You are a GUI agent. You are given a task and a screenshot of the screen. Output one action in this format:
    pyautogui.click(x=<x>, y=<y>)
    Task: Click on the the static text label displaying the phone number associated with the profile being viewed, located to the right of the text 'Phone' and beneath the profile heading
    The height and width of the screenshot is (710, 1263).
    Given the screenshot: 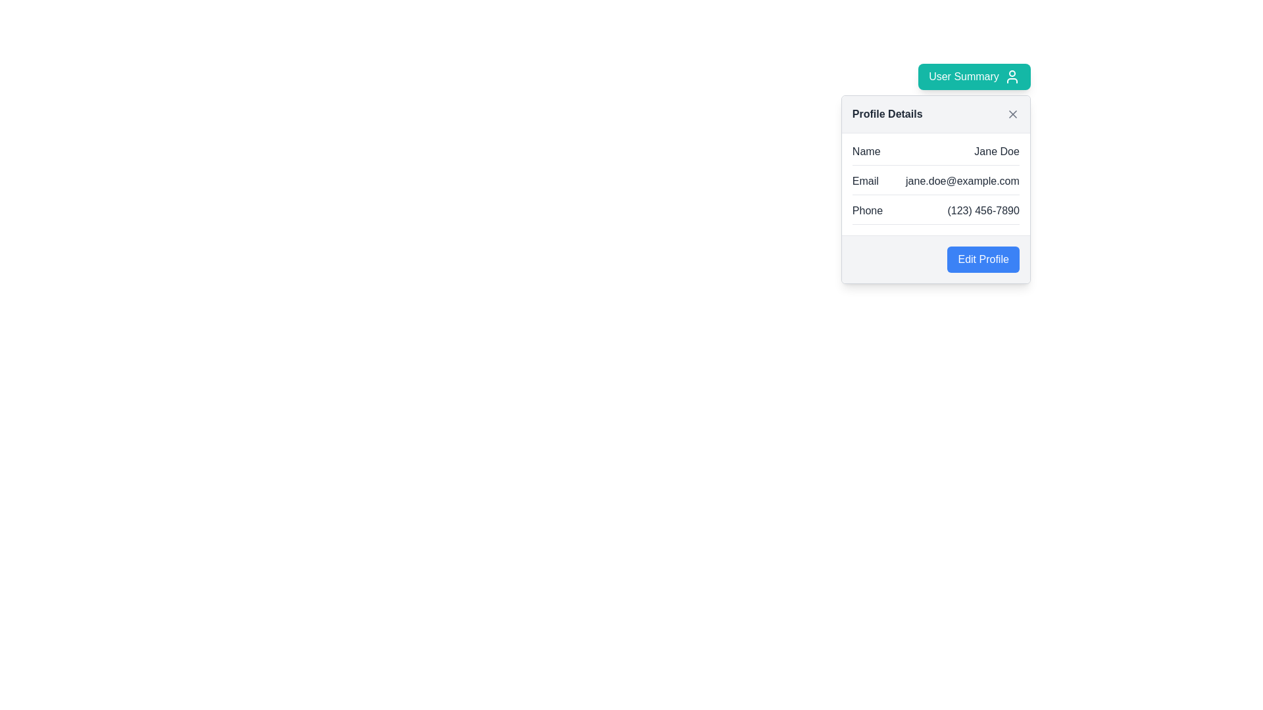 What is the action you would take?
    pyautogui.click(x=983, y=210)
    